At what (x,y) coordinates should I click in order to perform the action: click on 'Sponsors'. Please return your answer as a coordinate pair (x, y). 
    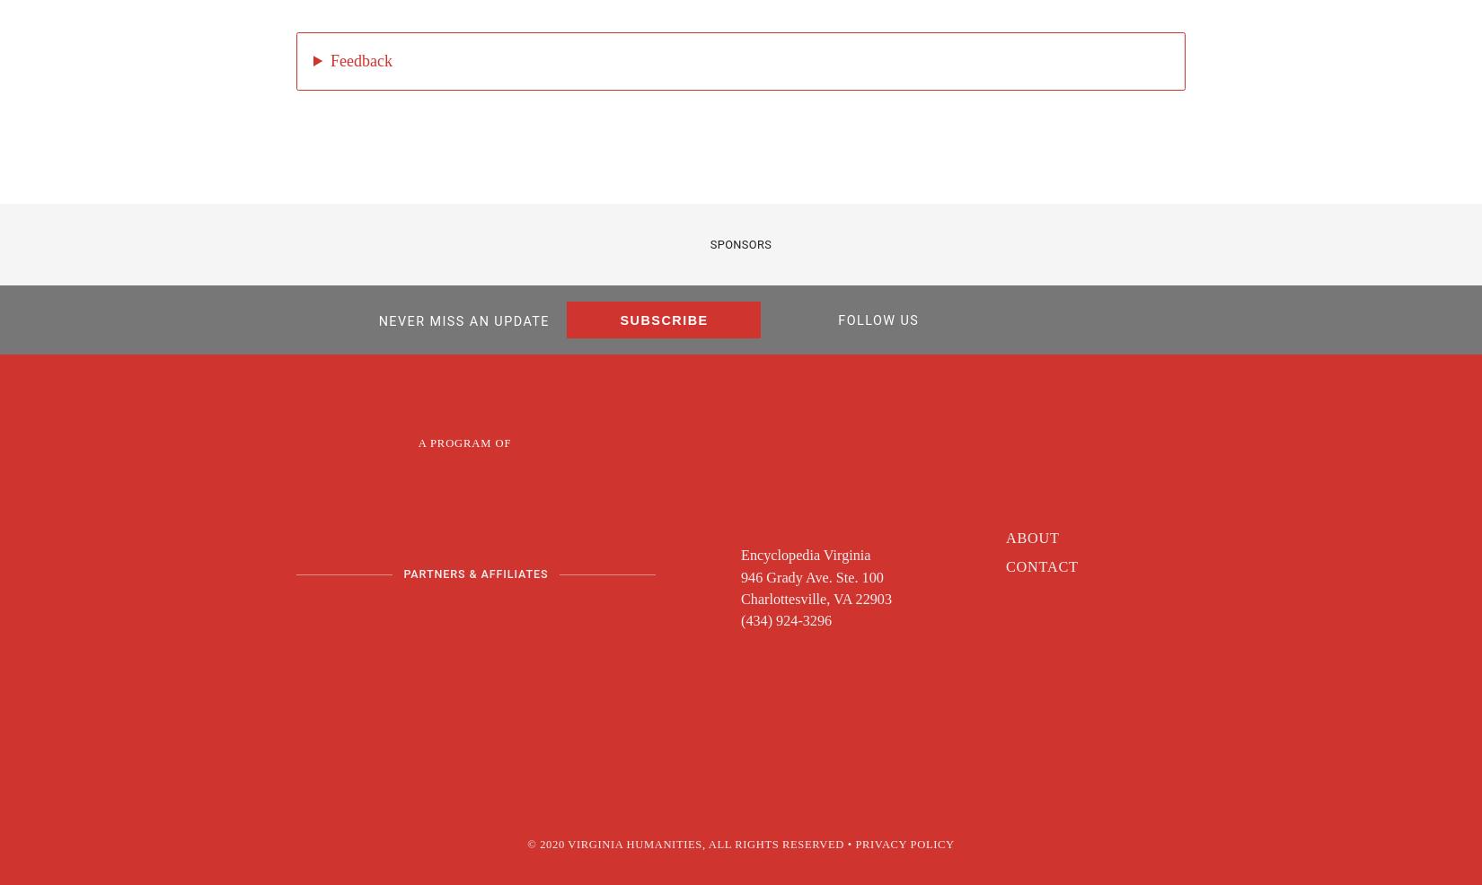
    Looking at the image, I should click on (739, 244).